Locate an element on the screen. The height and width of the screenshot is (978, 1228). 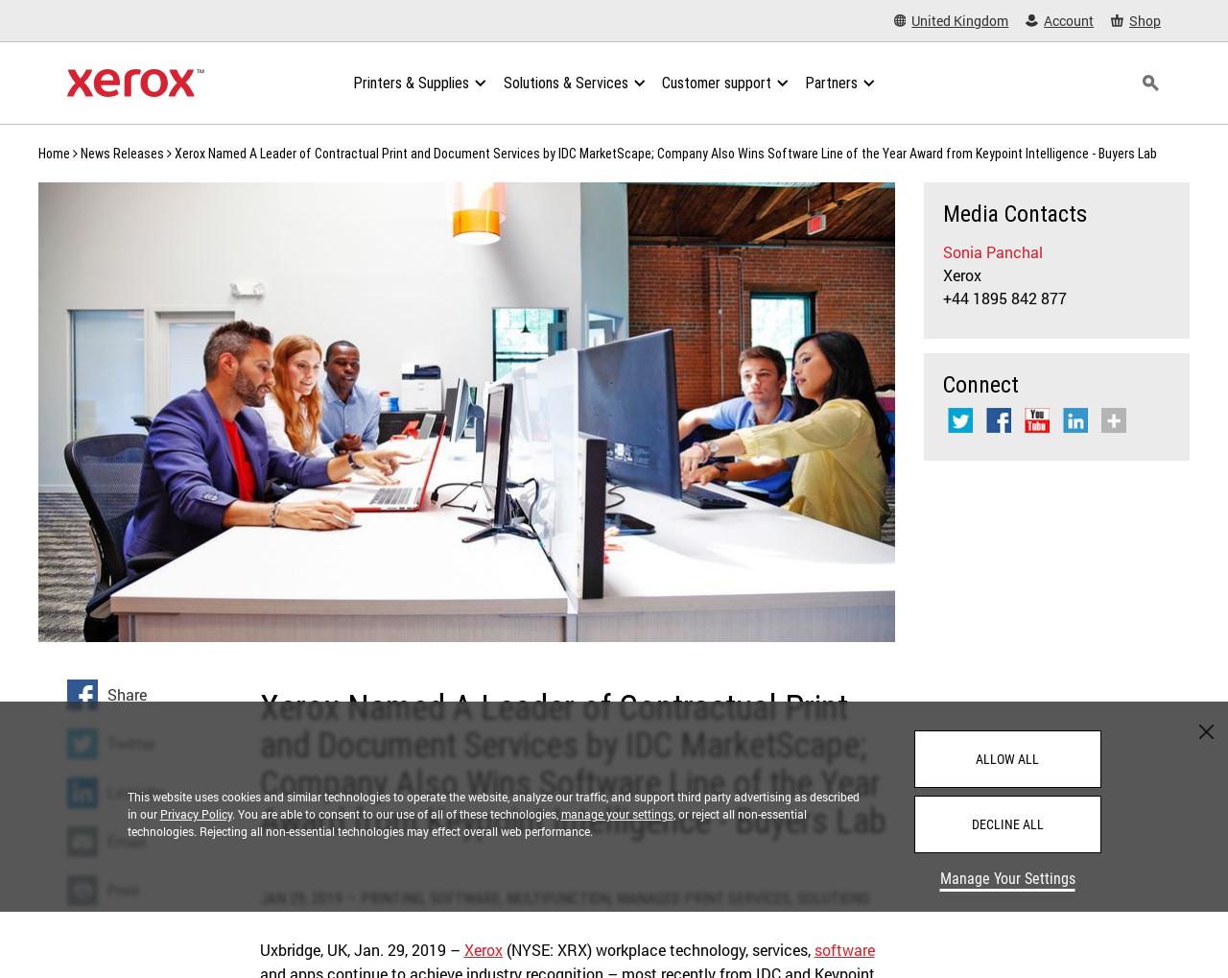
'Printers &' is located at coordinates (353, 82).